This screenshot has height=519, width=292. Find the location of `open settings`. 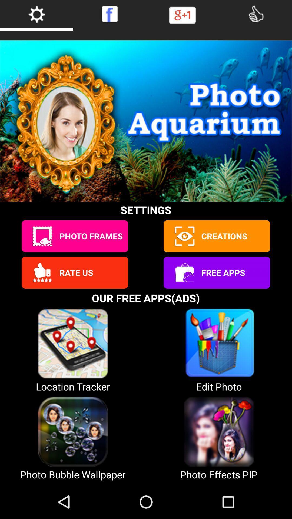

open settings is located at coordinates (36, 14).